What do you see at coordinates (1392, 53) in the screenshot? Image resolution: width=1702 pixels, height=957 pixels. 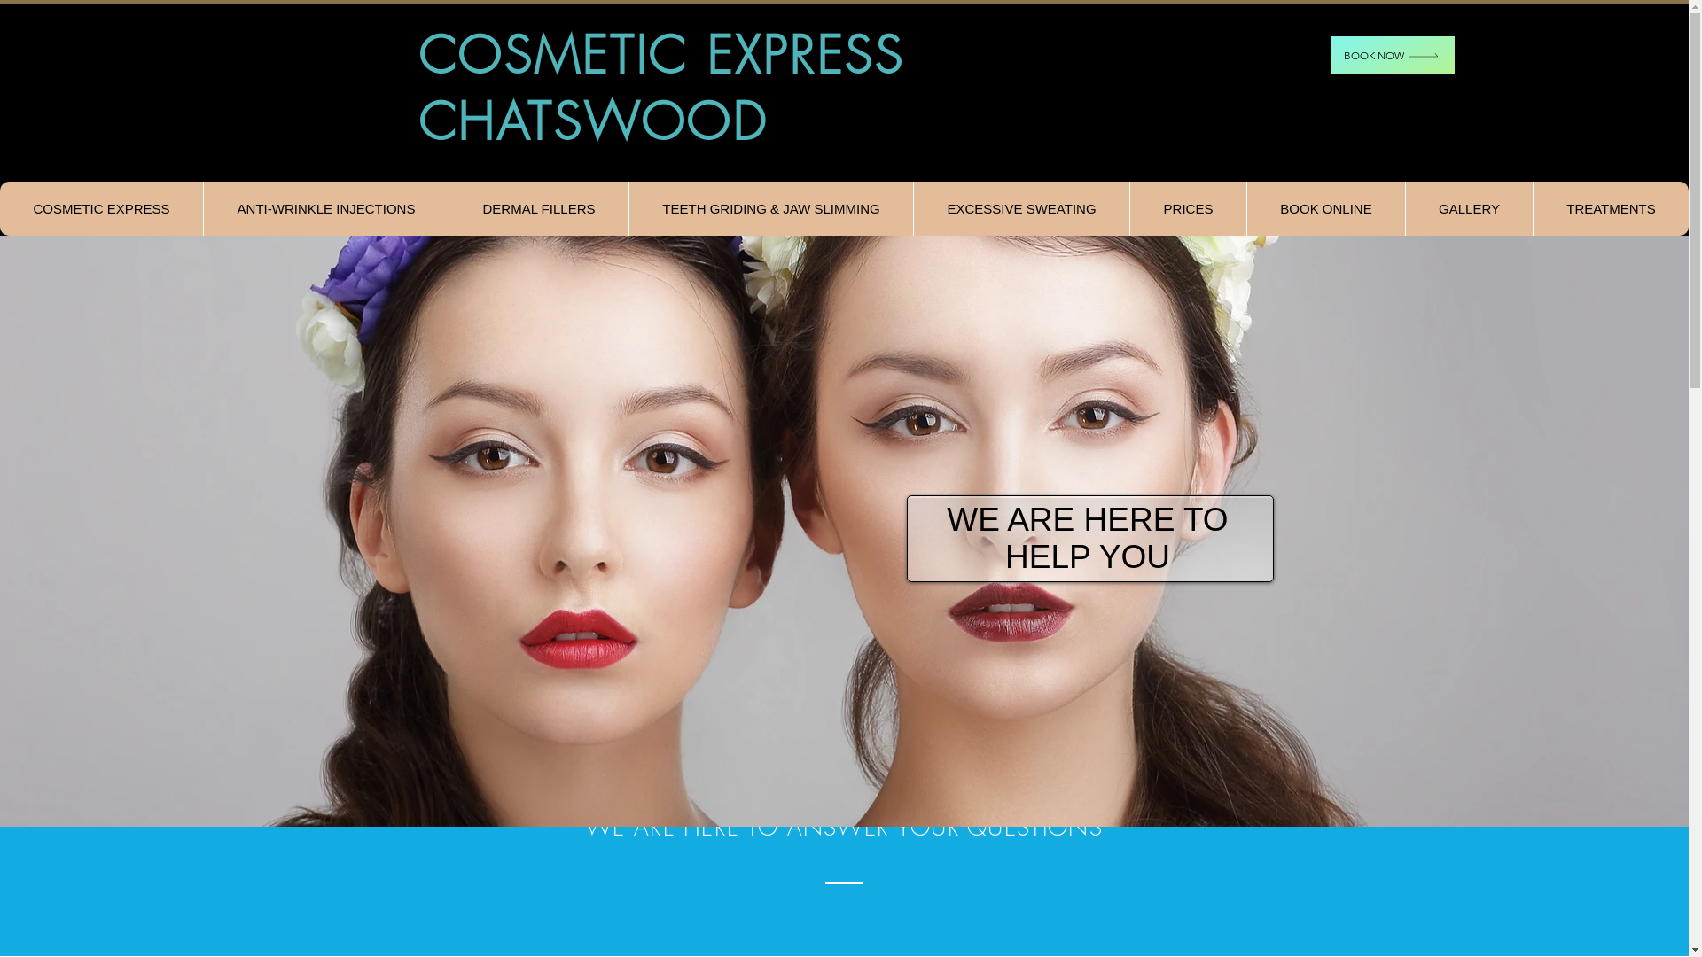 I see `'BOOK NOW'` at bounding box center [1392, 53].